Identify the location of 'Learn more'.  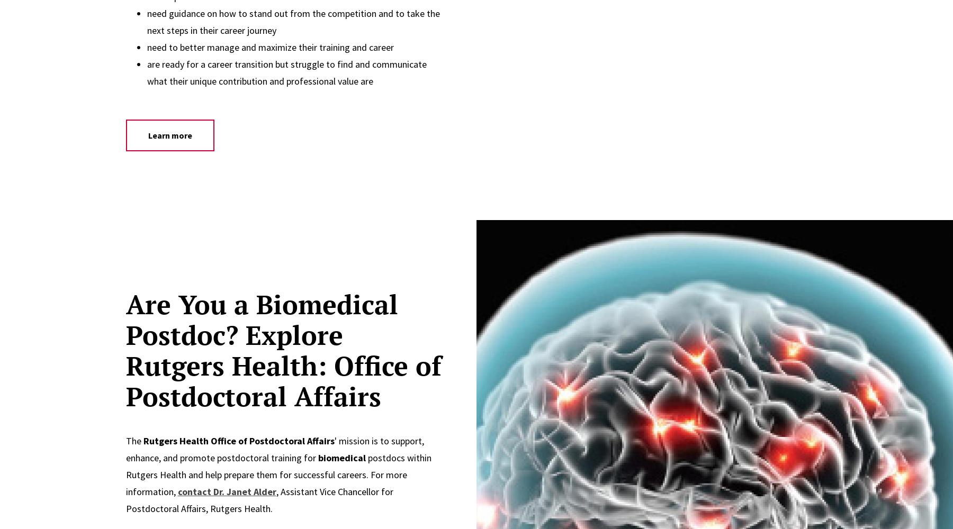
(169, 135).